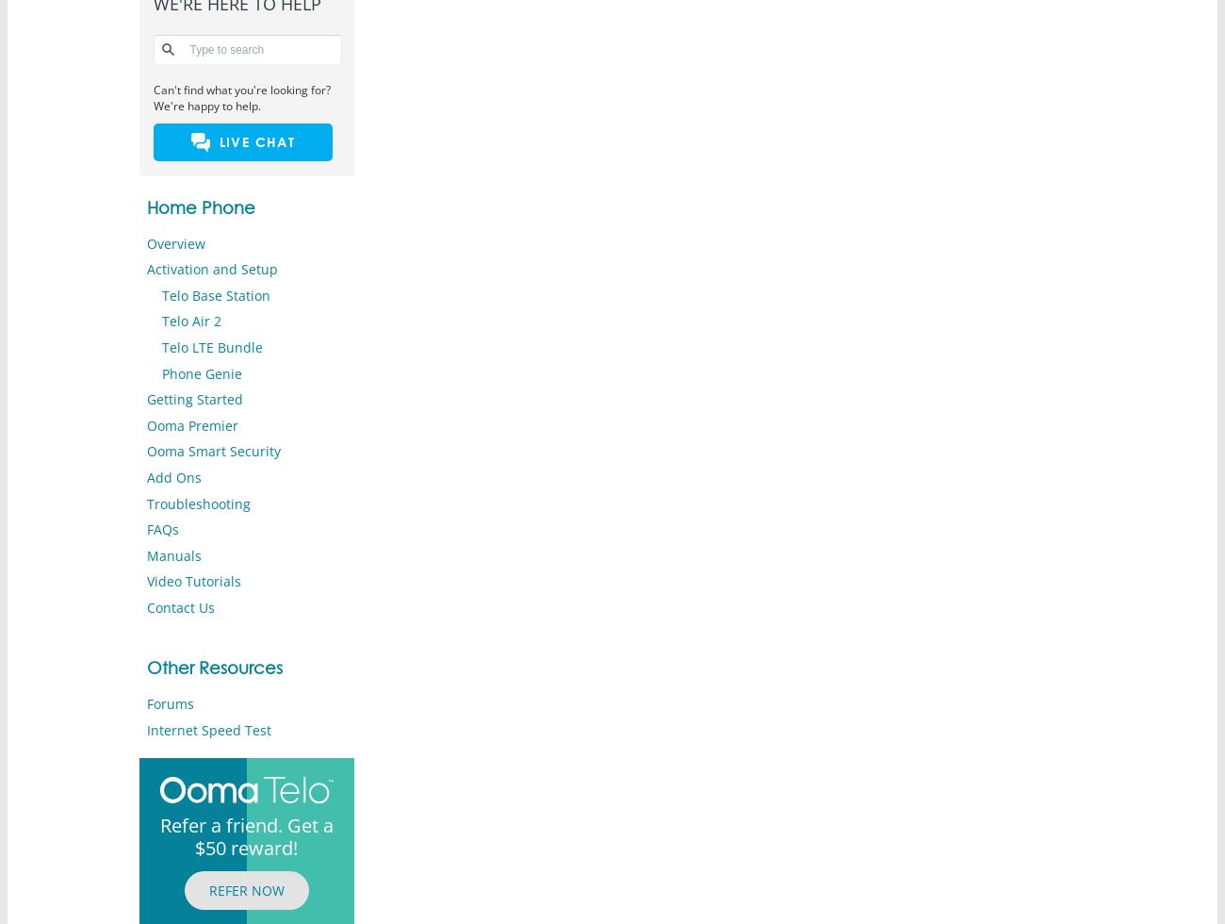  Describe the element at coordinates (144, 206) in the screenshot. I see `'Home Phone'` at that location.